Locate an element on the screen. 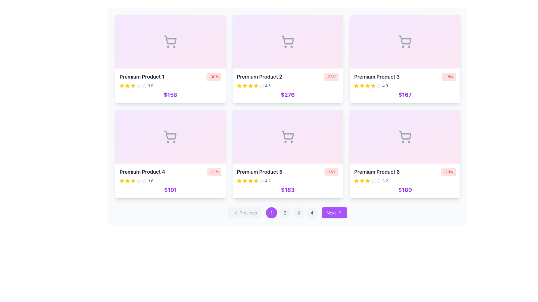 The height and width of the screenshot is (302, 538). the third star in the rating system for the 'Premium Product 3' is located at coordinates (373, 85).